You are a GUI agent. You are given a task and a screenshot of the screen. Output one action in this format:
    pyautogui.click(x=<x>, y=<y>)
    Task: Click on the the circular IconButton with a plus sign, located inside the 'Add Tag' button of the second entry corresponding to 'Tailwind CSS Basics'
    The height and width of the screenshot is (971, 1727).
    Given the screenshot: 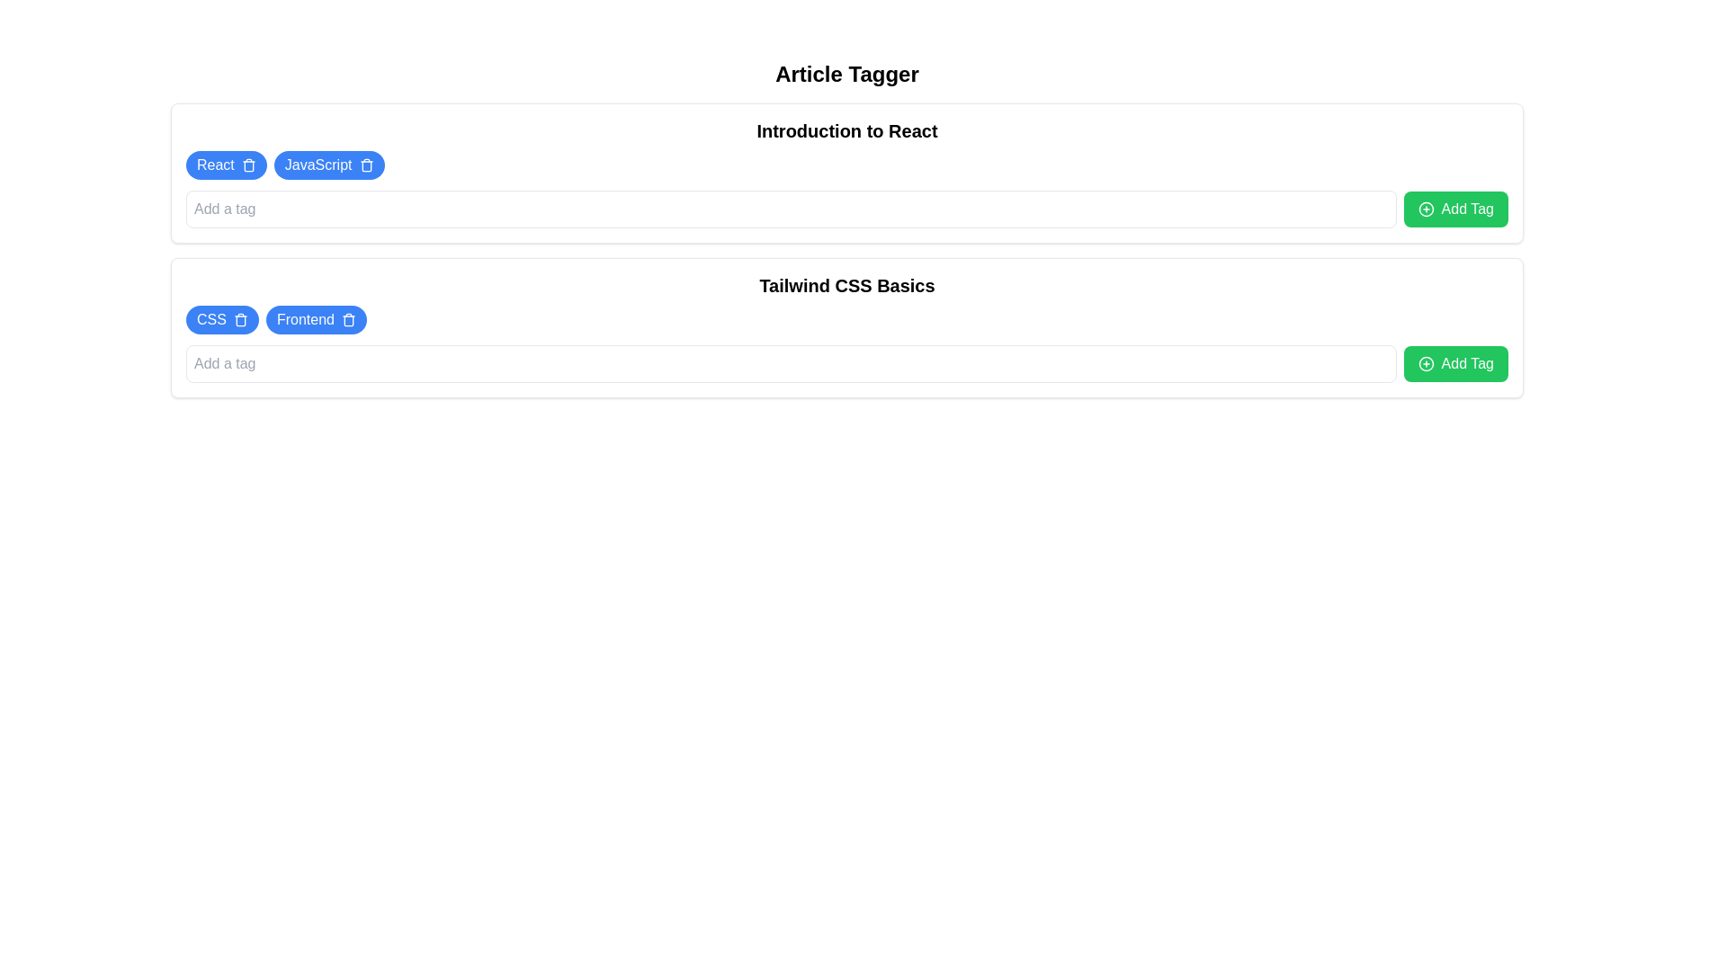 What is the action you would take?
    pyautogui.click(x=1425, y=364)
    